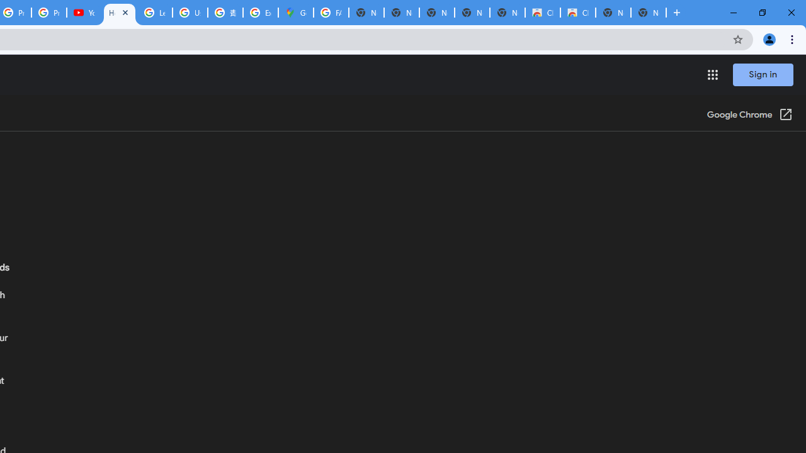  What do you see at coordinates (543, 13) in the screenshot?
I see `'Classic Blue - Chrome Web Store'` at bounding box center [543, 13].